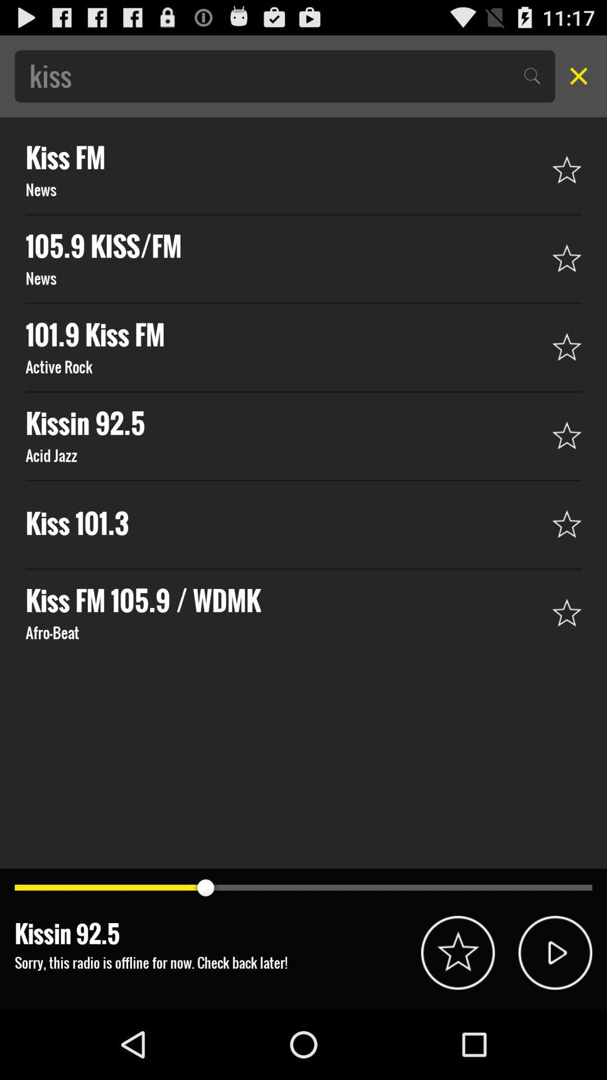  Describe the element at coordinates (575, 75) in the screenshot. I see `close` at that location.